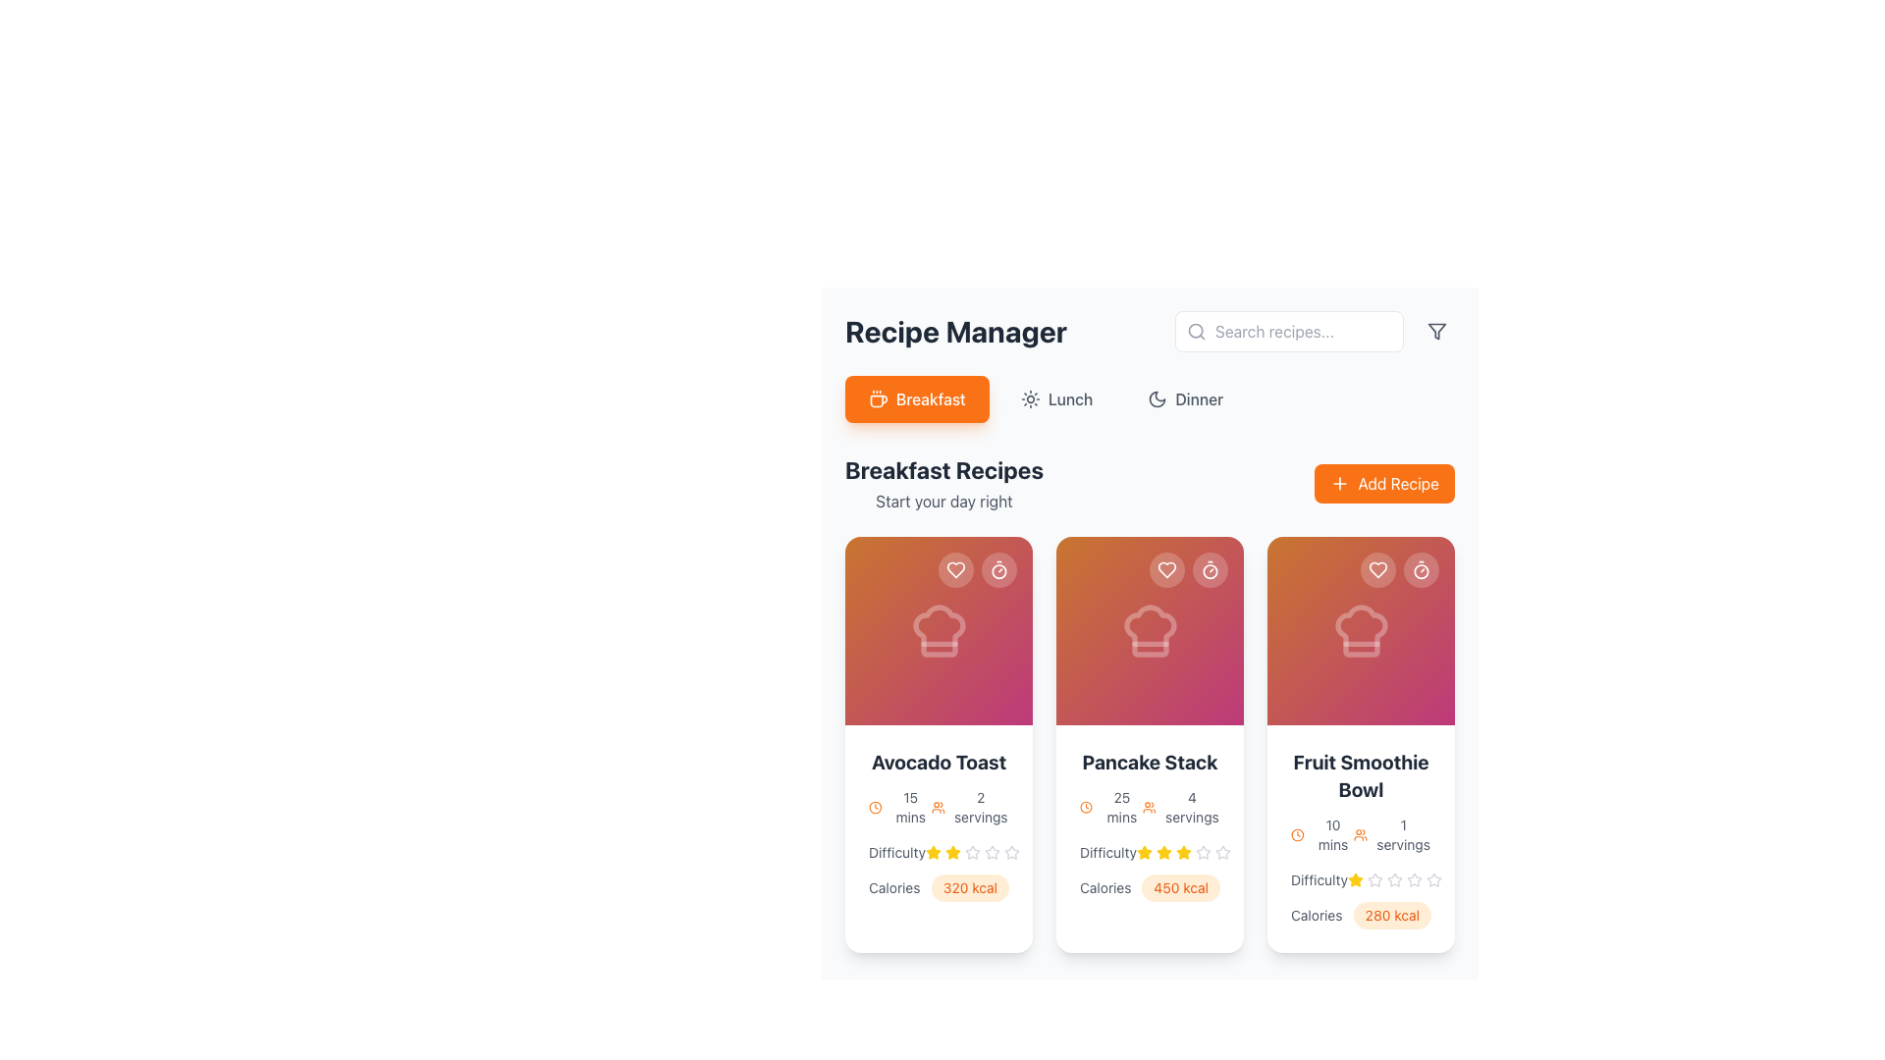 The image size is (1885, 1060). I want to click on the second star icon representing the second difficulty level in the five-star rating system for the 'Fruit Smoothie Bowl' recipe, so click(1373, 877).